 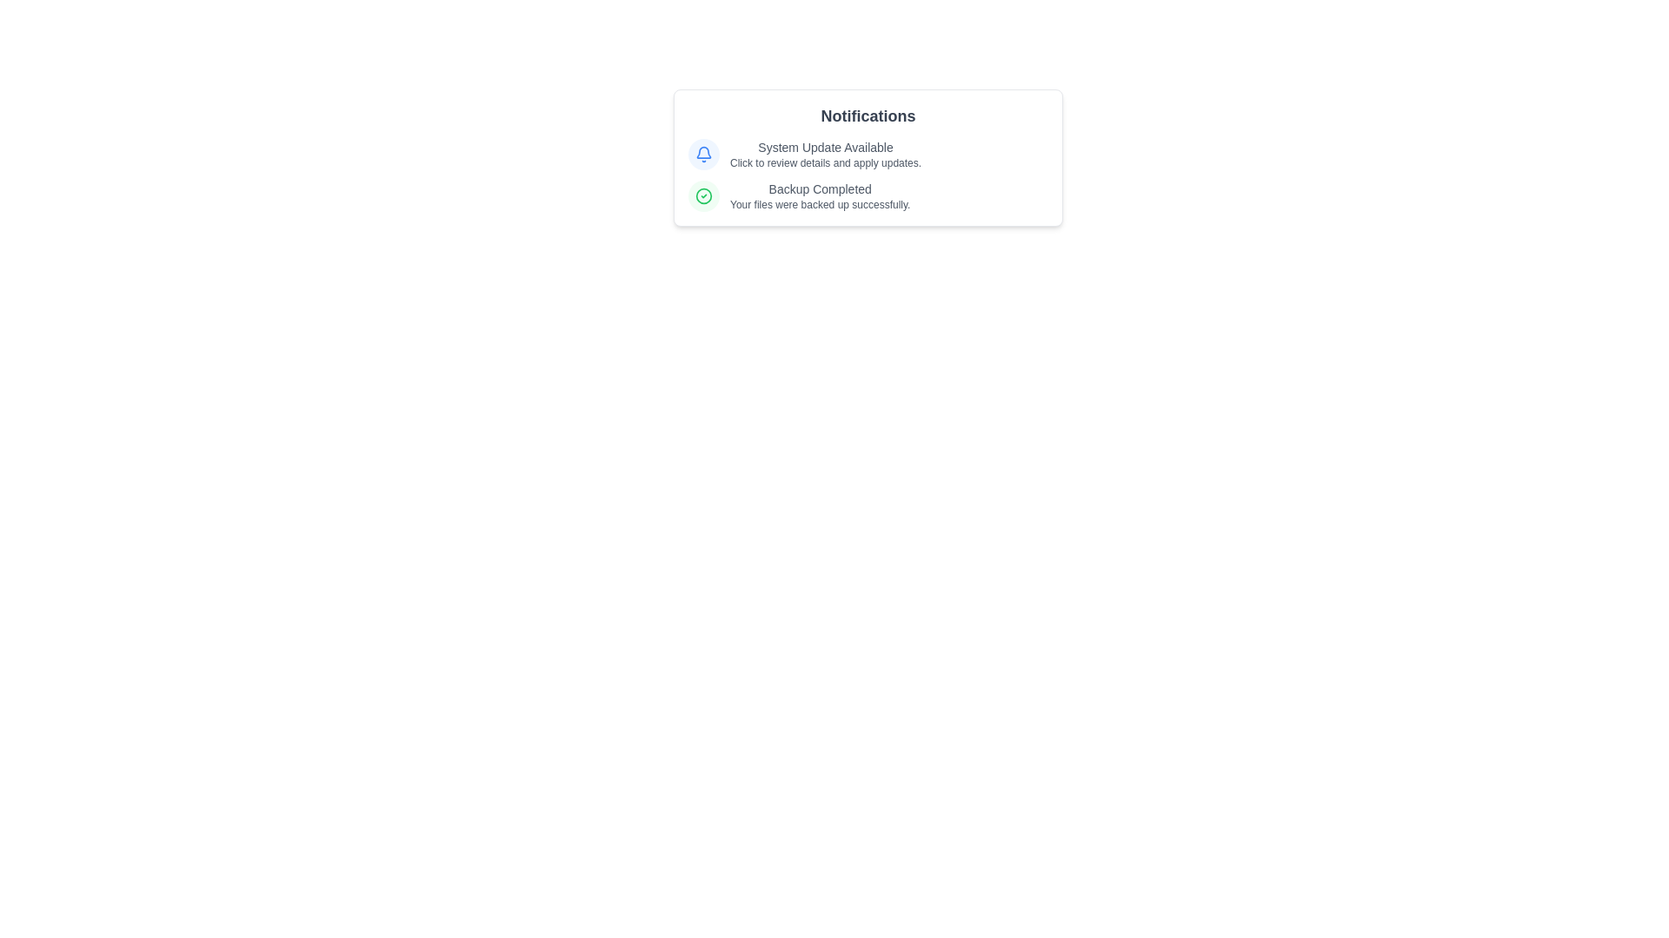 What do you see at coordinates (704, 195) in the screenshot?
I see `the success indication icon located to the left of the 'Backup Completed' text in the green-shaded notification area to recognize the successful completion of the backup process` at bounding box center [704, 195].